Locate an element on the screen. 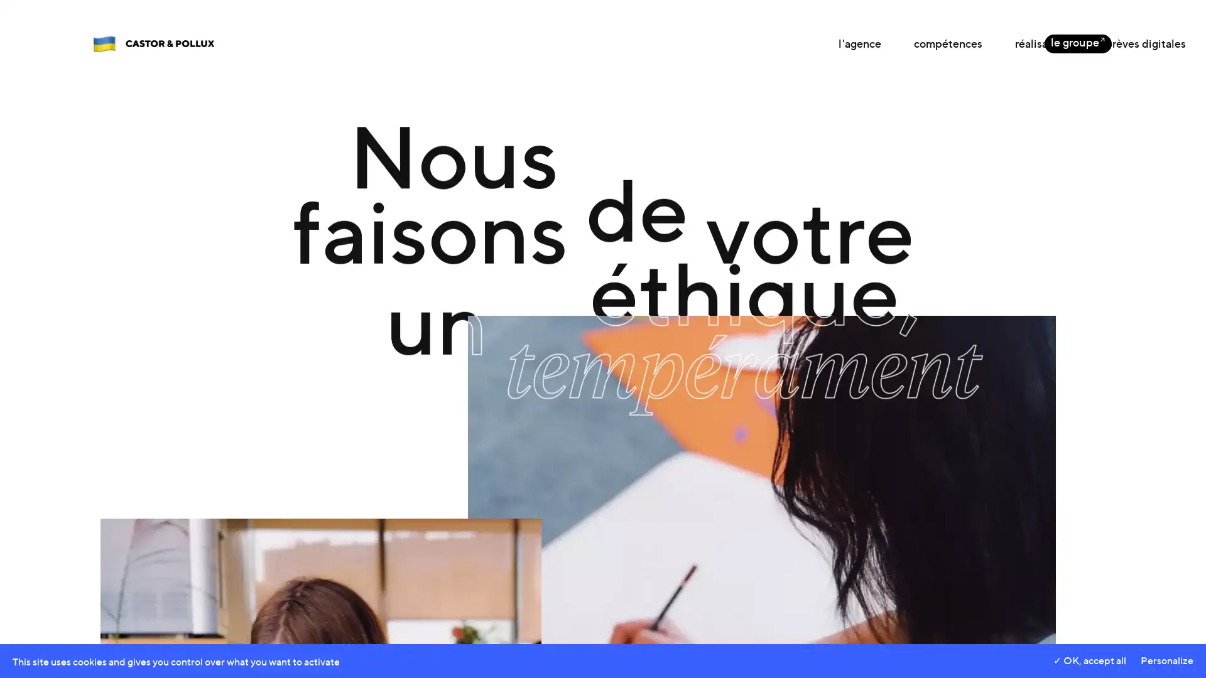  OK, accept all is located at coordinates (1089, 659).